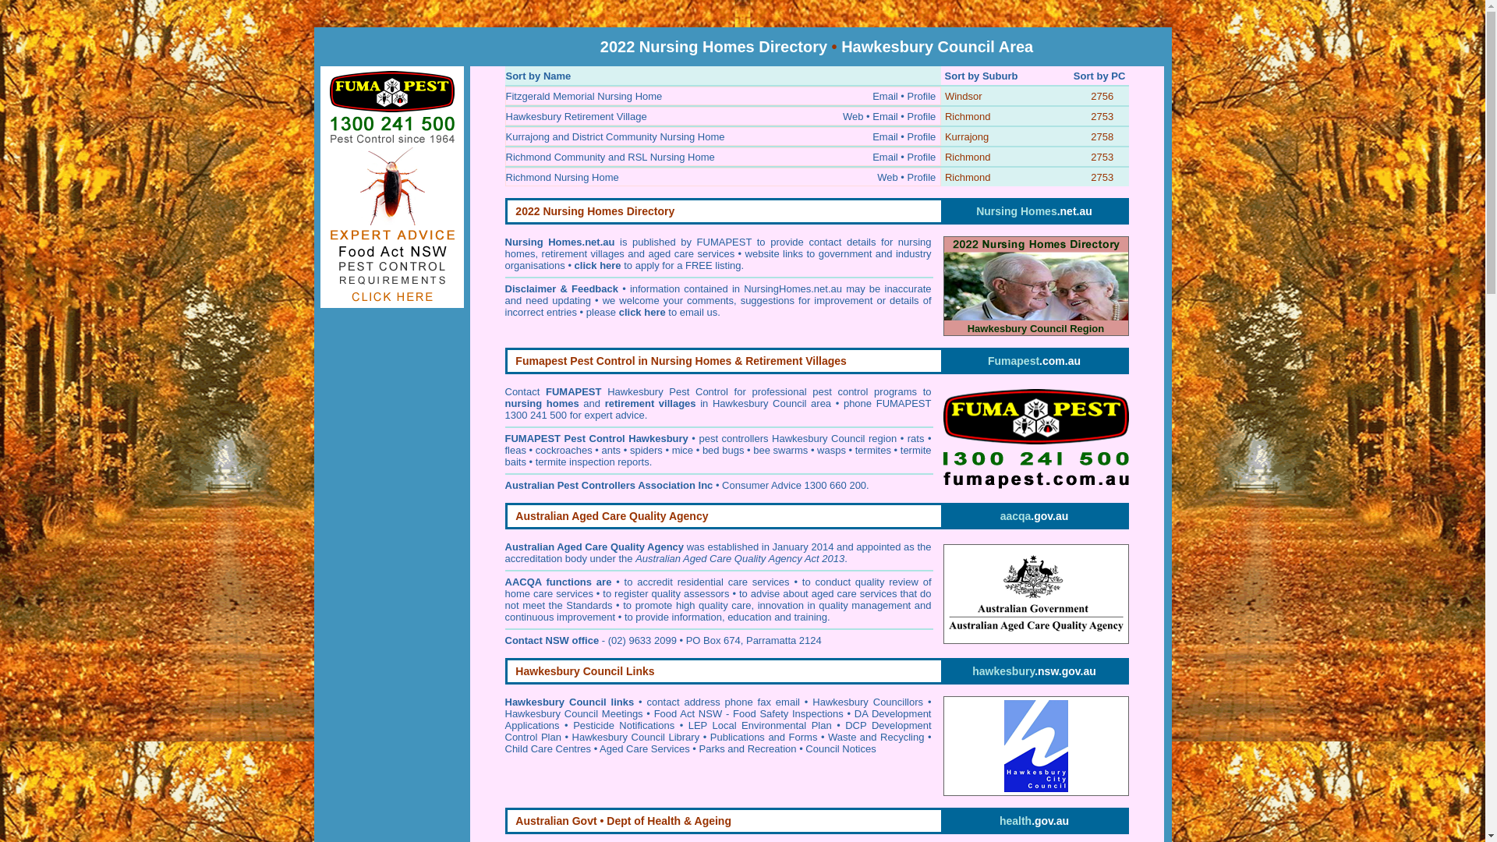 The width and height of the screenshot is (1497, 842). Describe the element at coordinates (747, 748) in the screenshot. I see `'Parks and Recreation'` at that location.